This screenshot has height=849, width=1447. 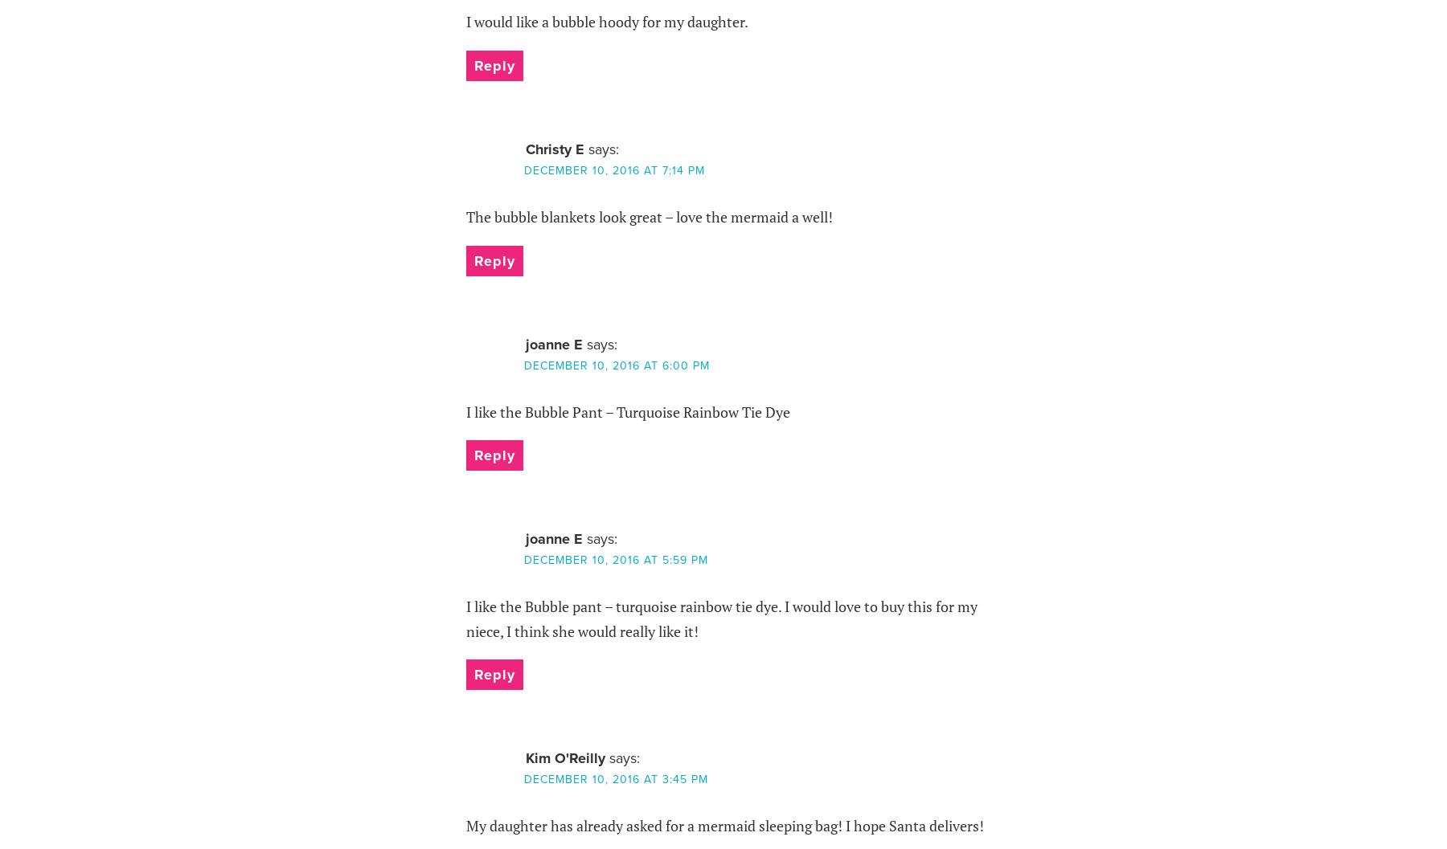 What do you see at coordinates (720, 618) in the screenshot?
I see `'I like the Bubble pant – turquoise rainbow tie dye.  I would love to buy this for my niece, I think she would really like it!'` at bounding box center [720, 618].